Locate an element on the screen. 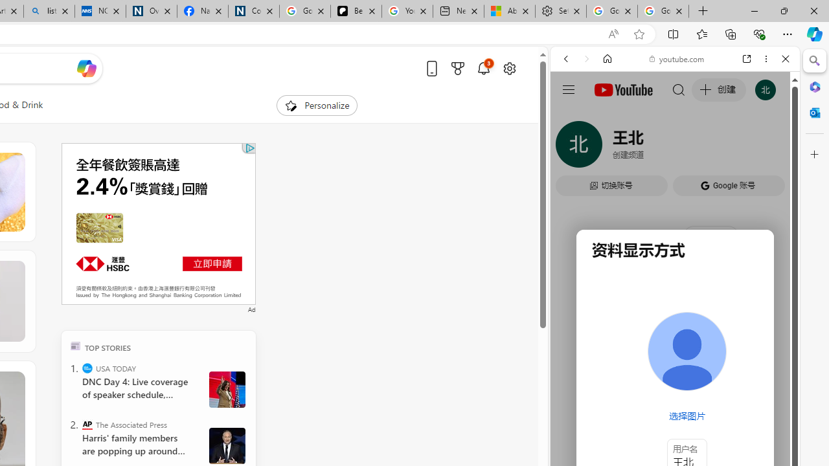 The width and height of the screenshot is (829, 466). 'Open Copilot' is located at coordinates (85, 68).